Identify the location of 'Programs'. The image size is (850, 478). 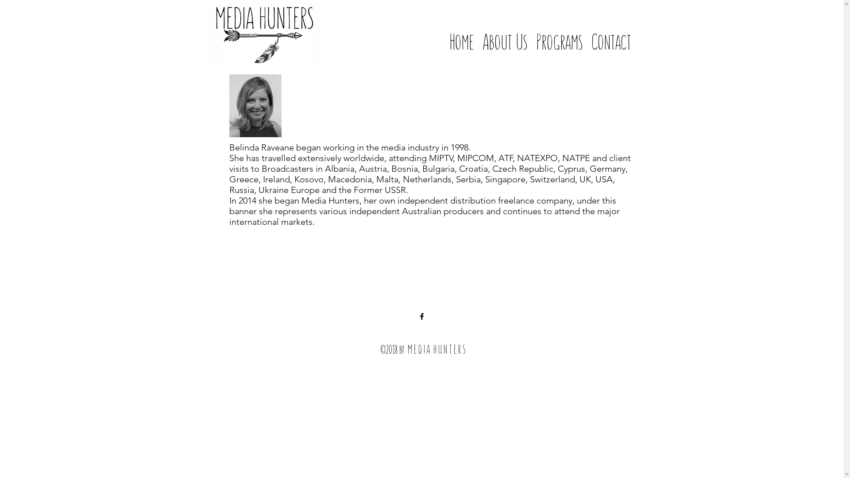
(558, 32).